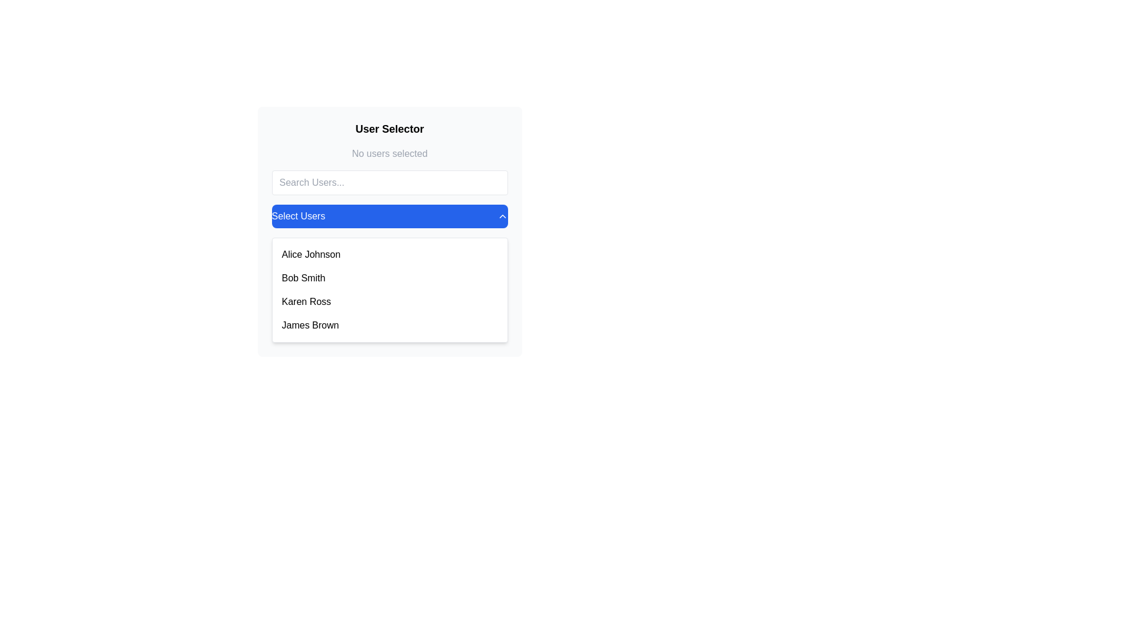  I want to click on the up chevron icon located on the far right side of the blue button labeled 'Select Users', so click(502, 216).